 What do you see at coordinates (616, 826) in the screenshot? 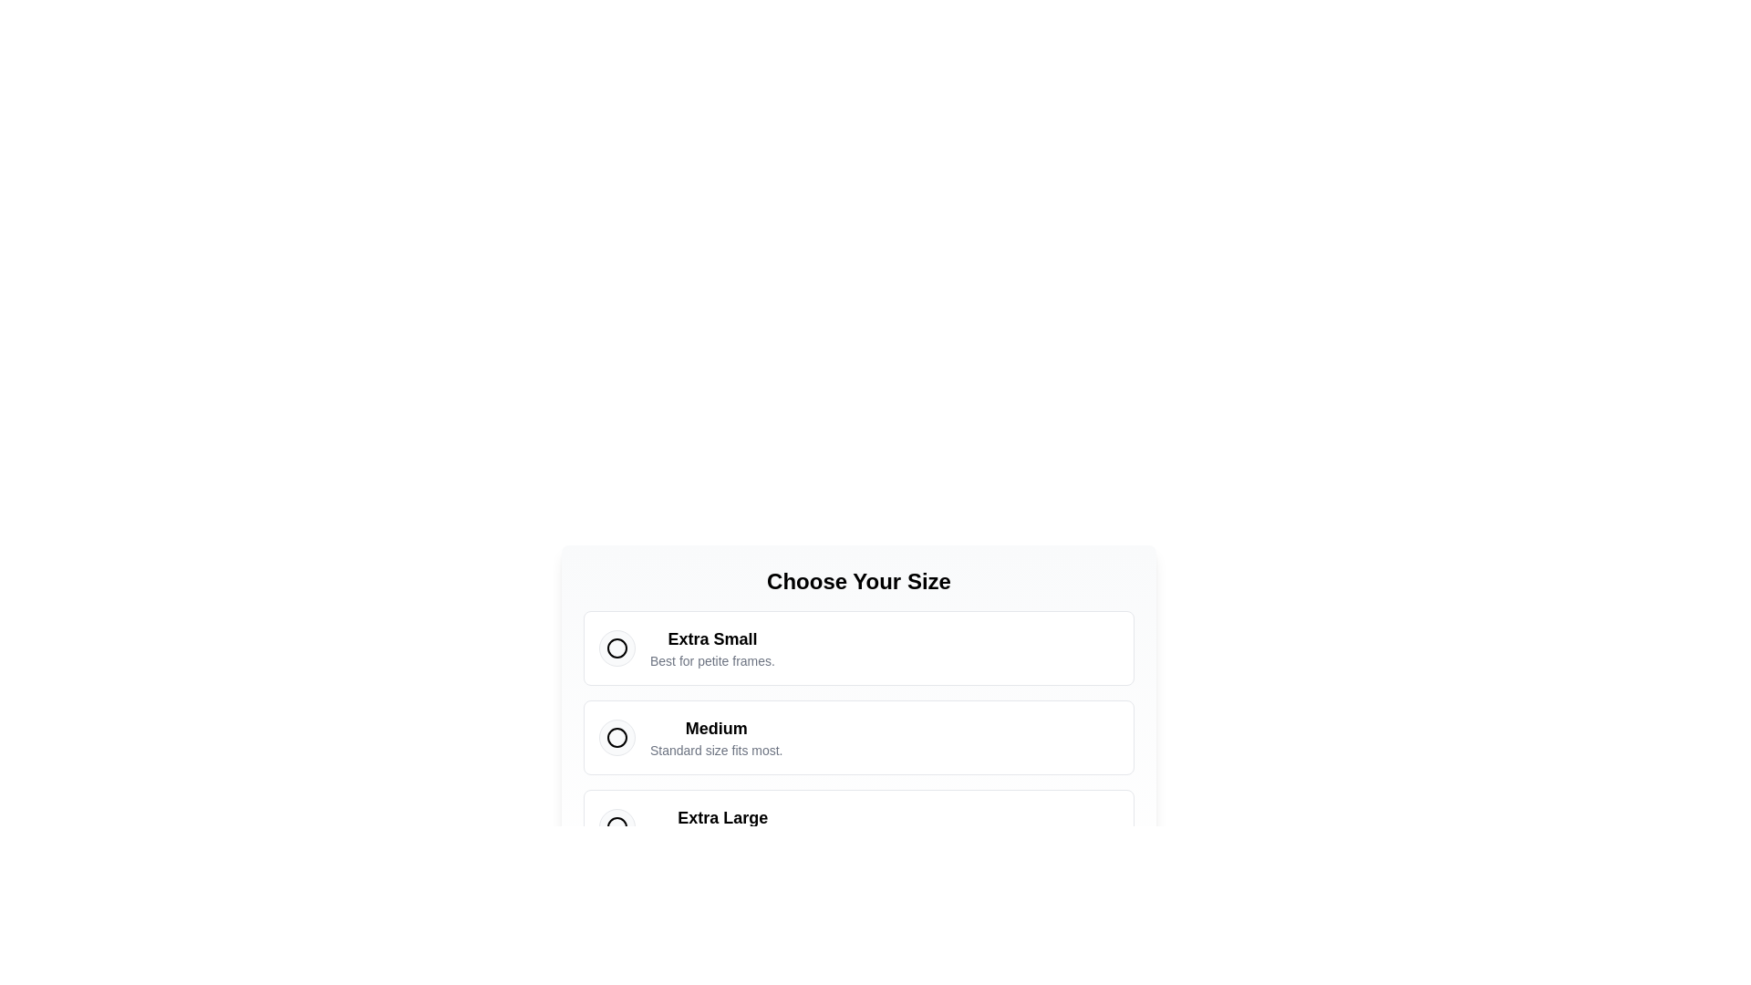
I see `the SVG graphic representing the 'Extra Large' size option in the size selection interface` at bounding box center [616, 826].